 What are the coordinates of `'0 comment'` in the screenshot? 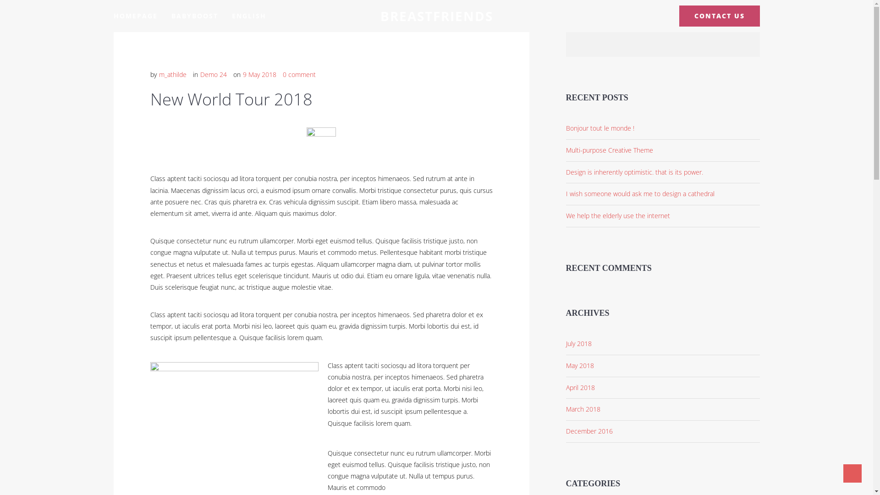 It's located at (299, 74).